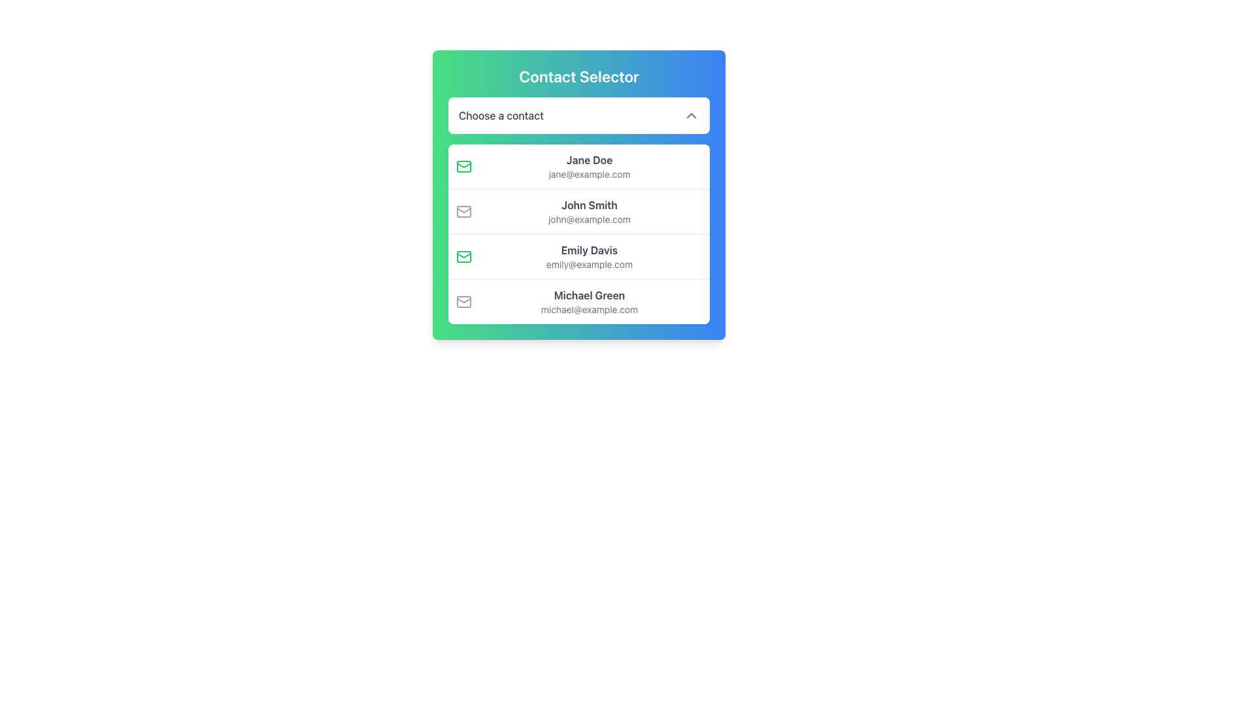 This screenshot has height=706, width=1255. I want to click on the text display labeled 'jane@example.com', which is styled in a smaller font and lighter gray color, positioned directly below 'Jane Doe' in the contact selector interface, so click(589, 173).